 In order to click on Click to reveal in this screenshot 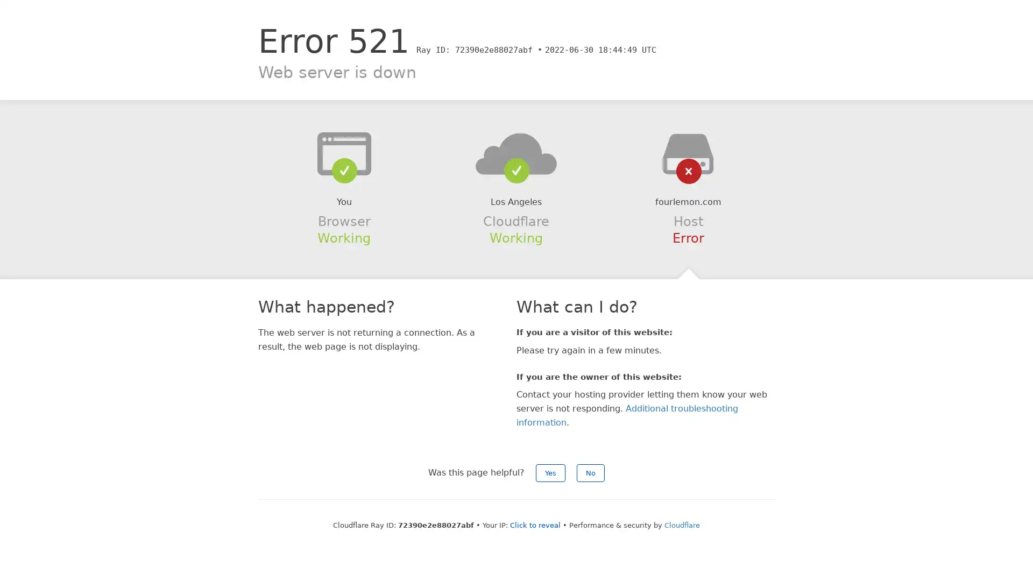, I will do `click(535, 525)`.